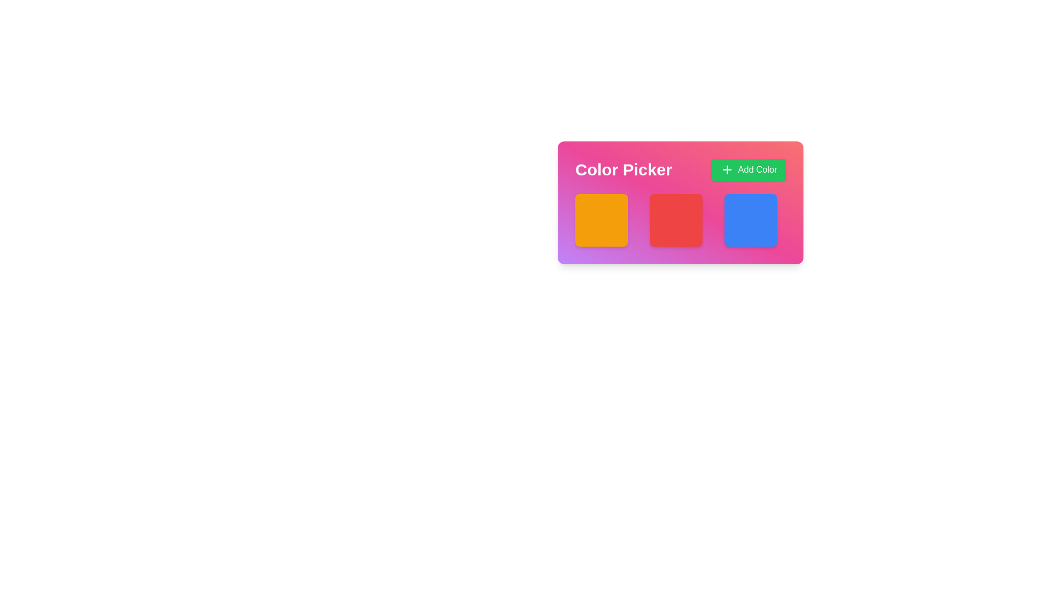 The height and width of the screenshot is (592, 1053). What do you see at coordinates (605, 220) in the screenshot?
I see `the color selection button on the far left of the color-picker interface` at bounding box center [605, 220].